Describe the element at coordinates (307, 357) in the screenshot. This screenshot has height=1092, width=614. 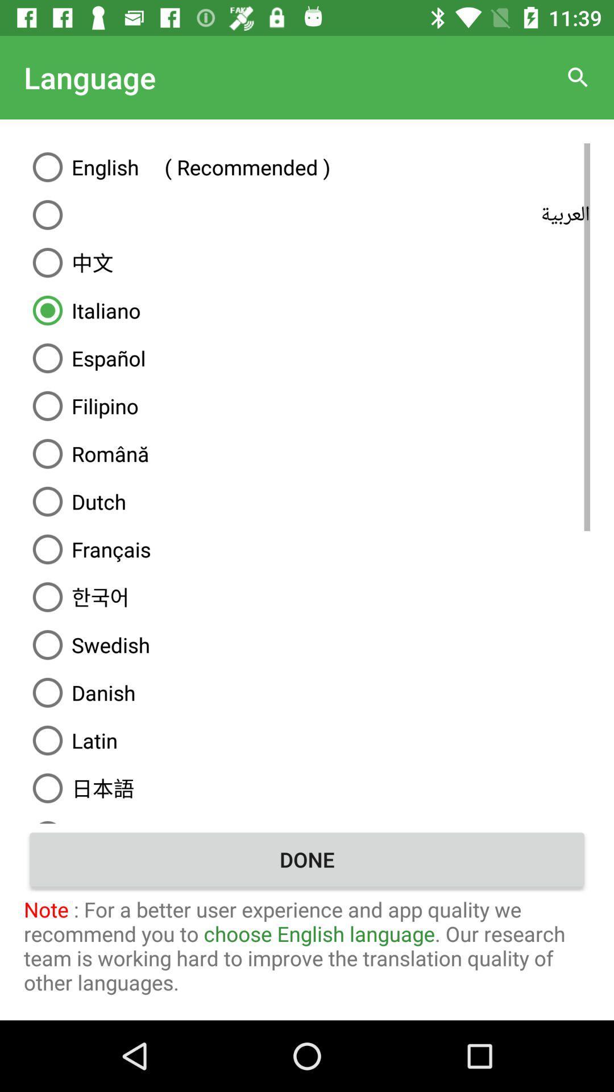
I see `the icon below italiano` at that location.